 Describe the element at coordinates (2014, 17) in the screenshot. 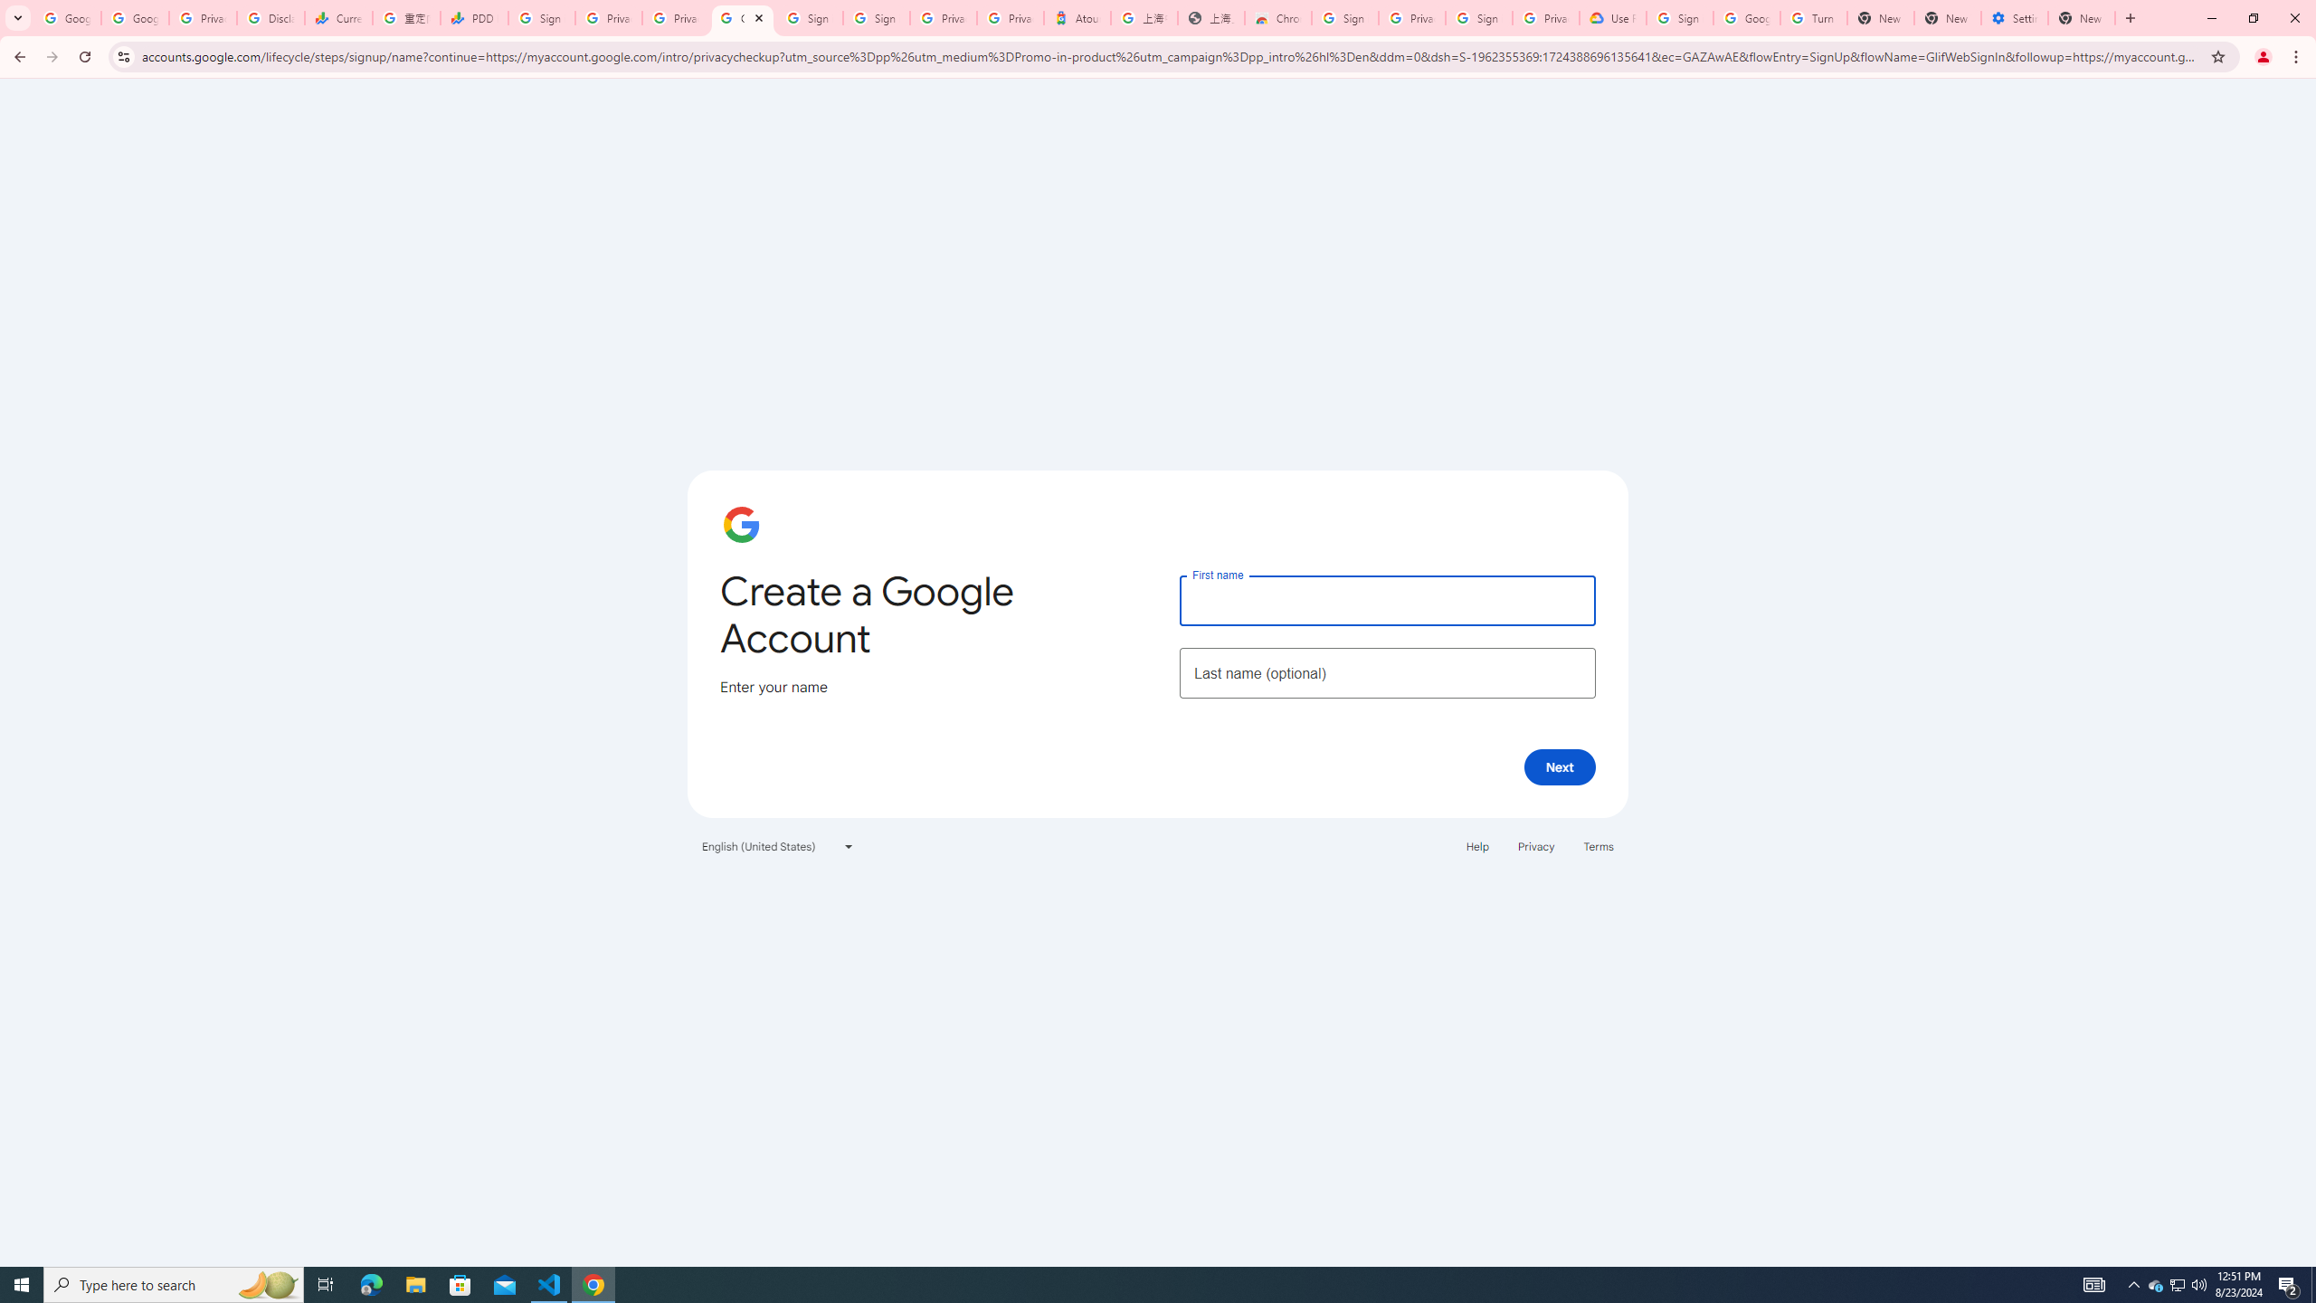

I see `'Settings - System'` at that location.